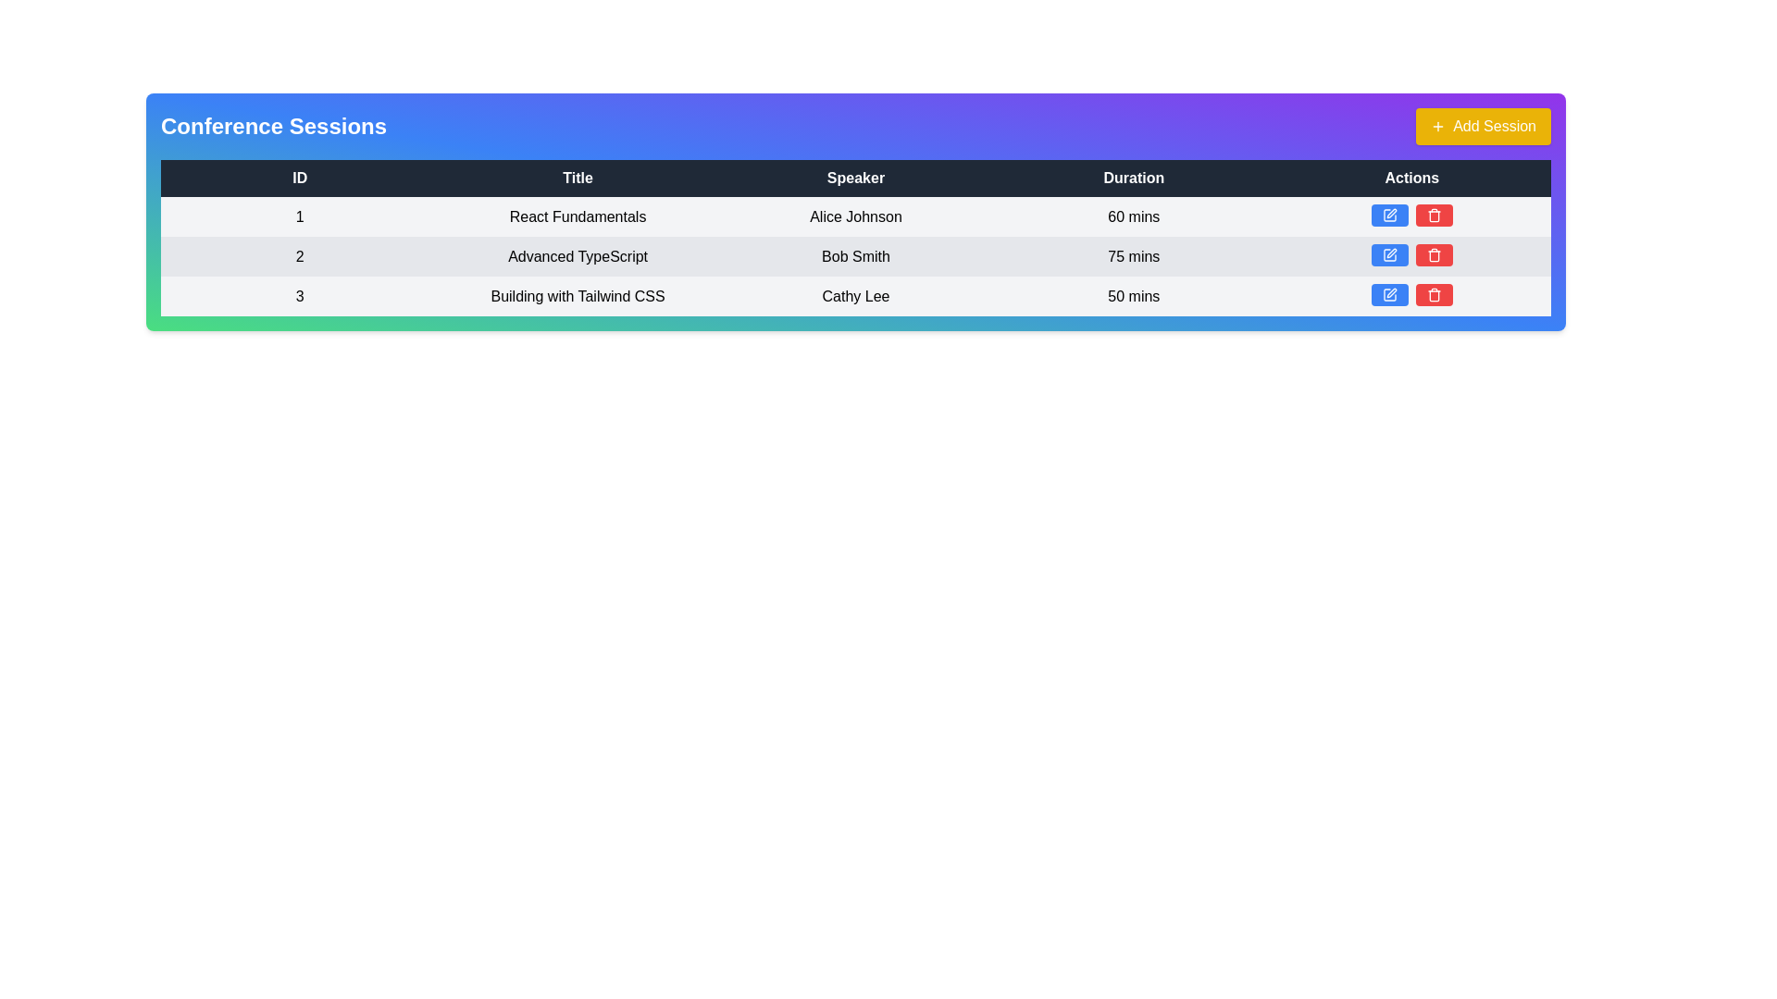 The height and width of the screenshot is (999, 1777). I want to click on the delete button located in the 'Actions' column of the third row of the table, so click(1433, 214).